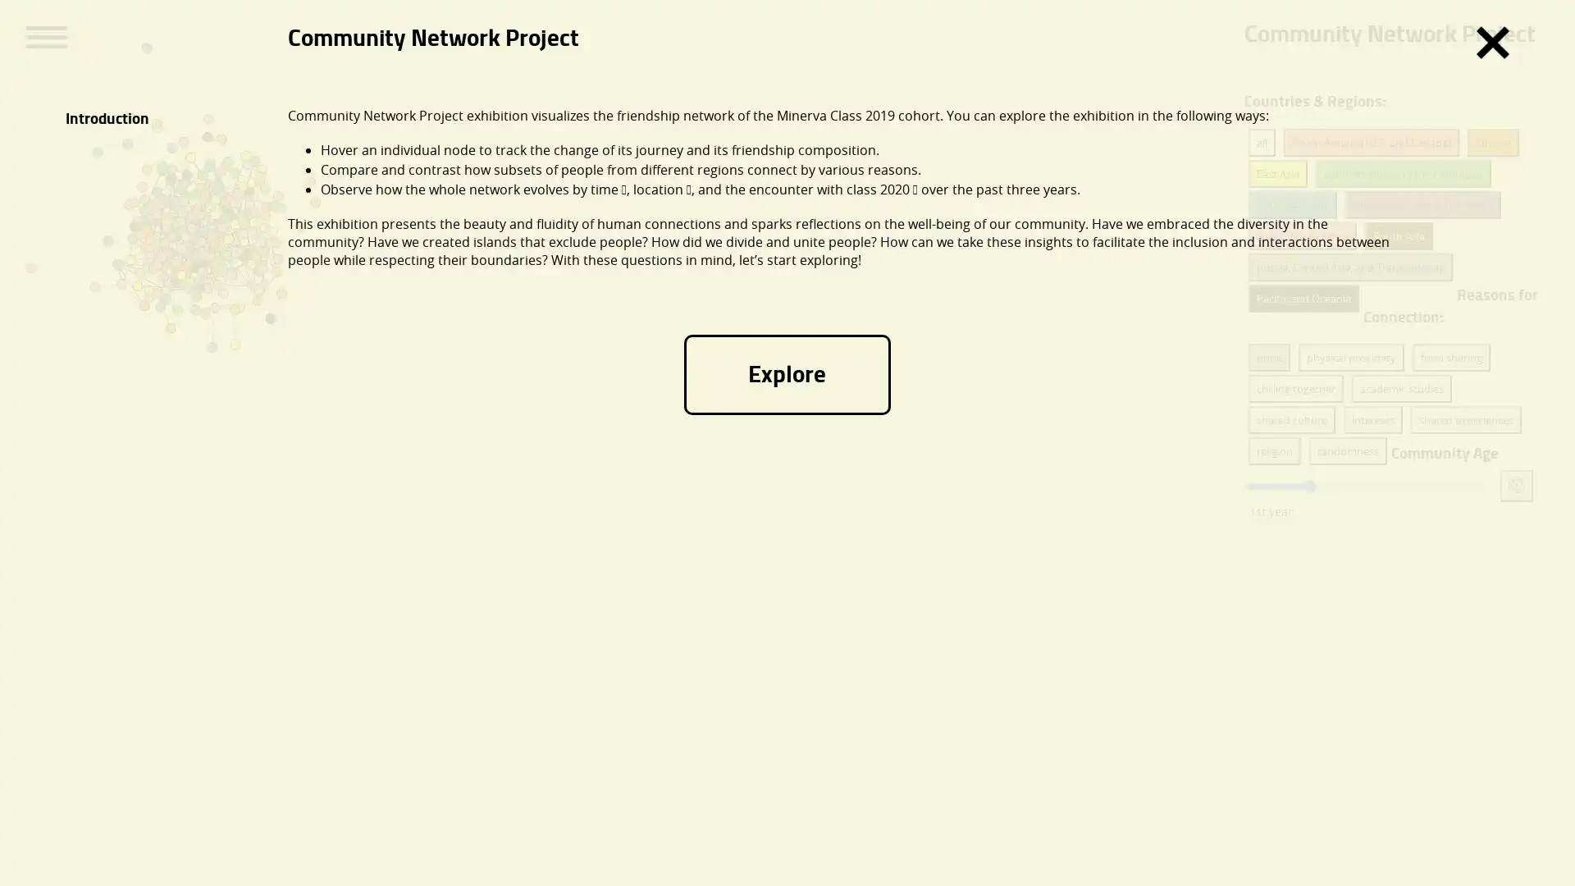 Image resolution: width=1575 pixels, height=886 pixels. Describe the element at coordinates (1277, 173) in the screenshot. I see `East Asia` at that location.